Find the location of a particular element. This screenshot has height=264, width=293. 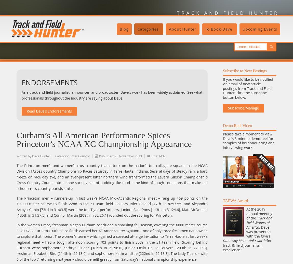

'Cross Country' is located at coordinates (79, 156).